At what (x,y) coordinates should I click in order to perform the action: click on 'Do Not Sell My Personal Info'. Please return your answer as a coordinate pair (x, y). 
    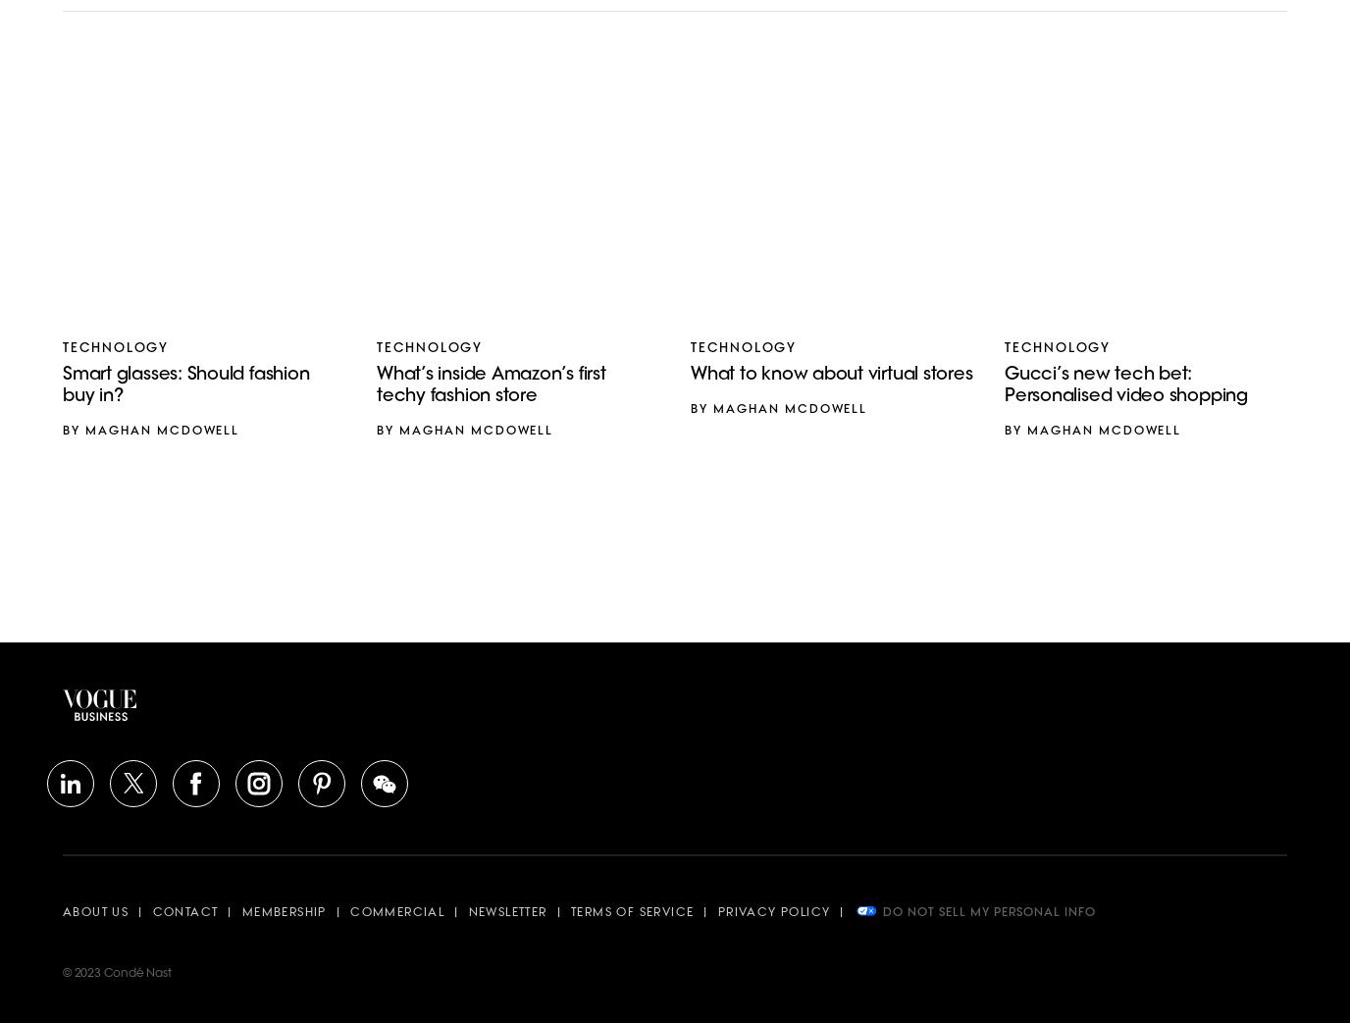
    Looking at the image, I should click on (881, 911).